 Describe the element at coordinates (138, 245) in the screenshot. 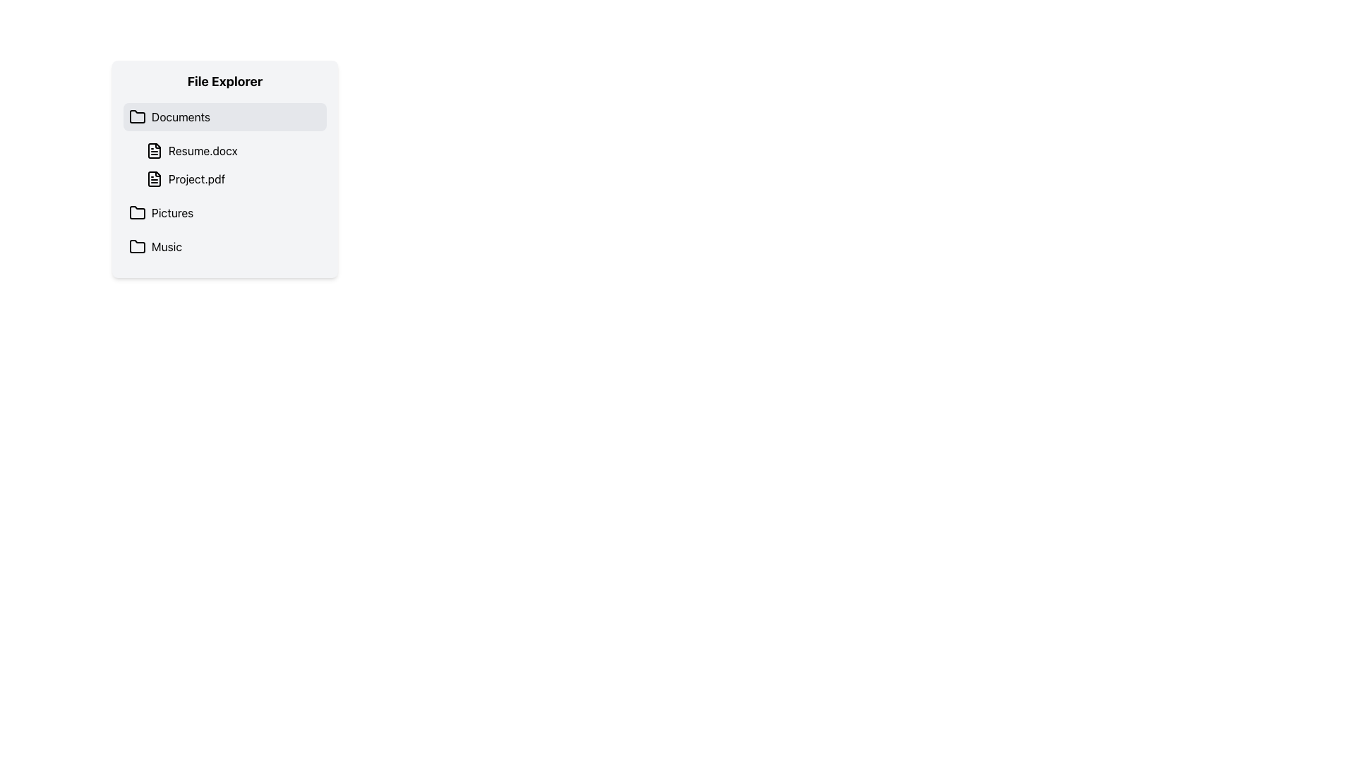

I see `the folder icon representing 'Music' in the file explorer, located in the bottom left corner of the list, directly to the left of the text label 'Music'` at that location.